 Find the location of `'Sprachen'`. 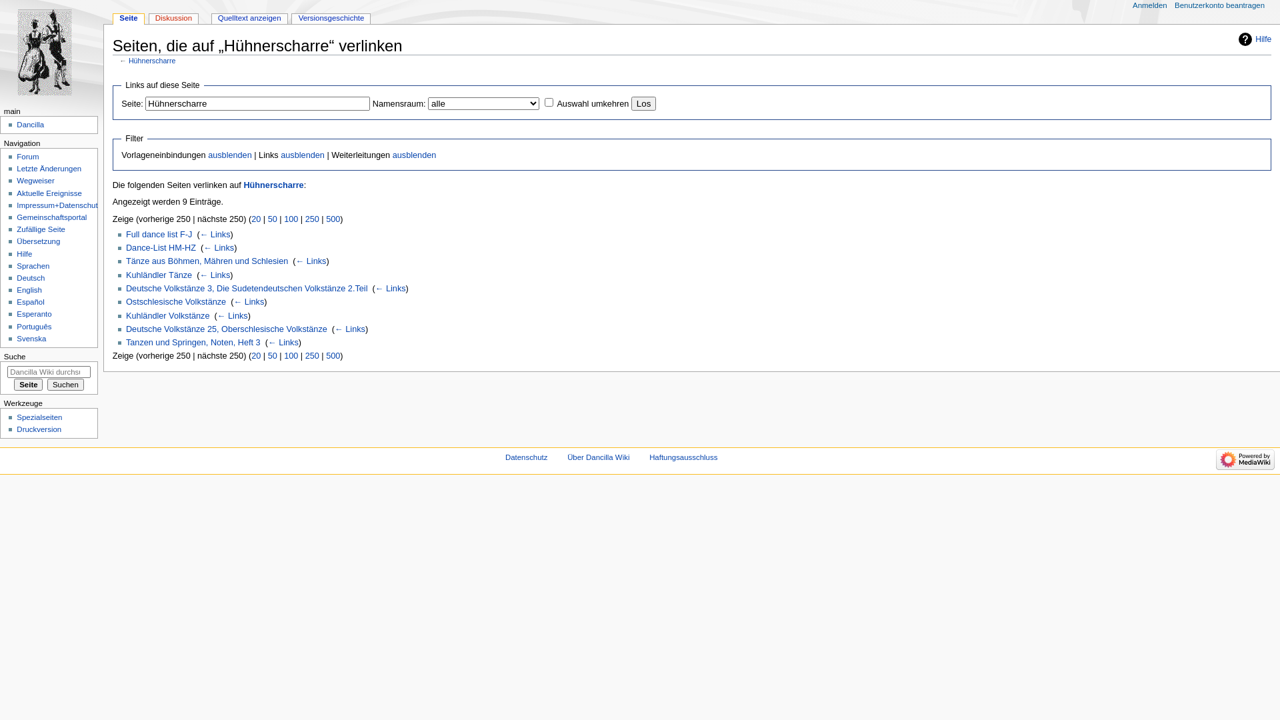

'Sprachen' is located at coordinates (33, 265).